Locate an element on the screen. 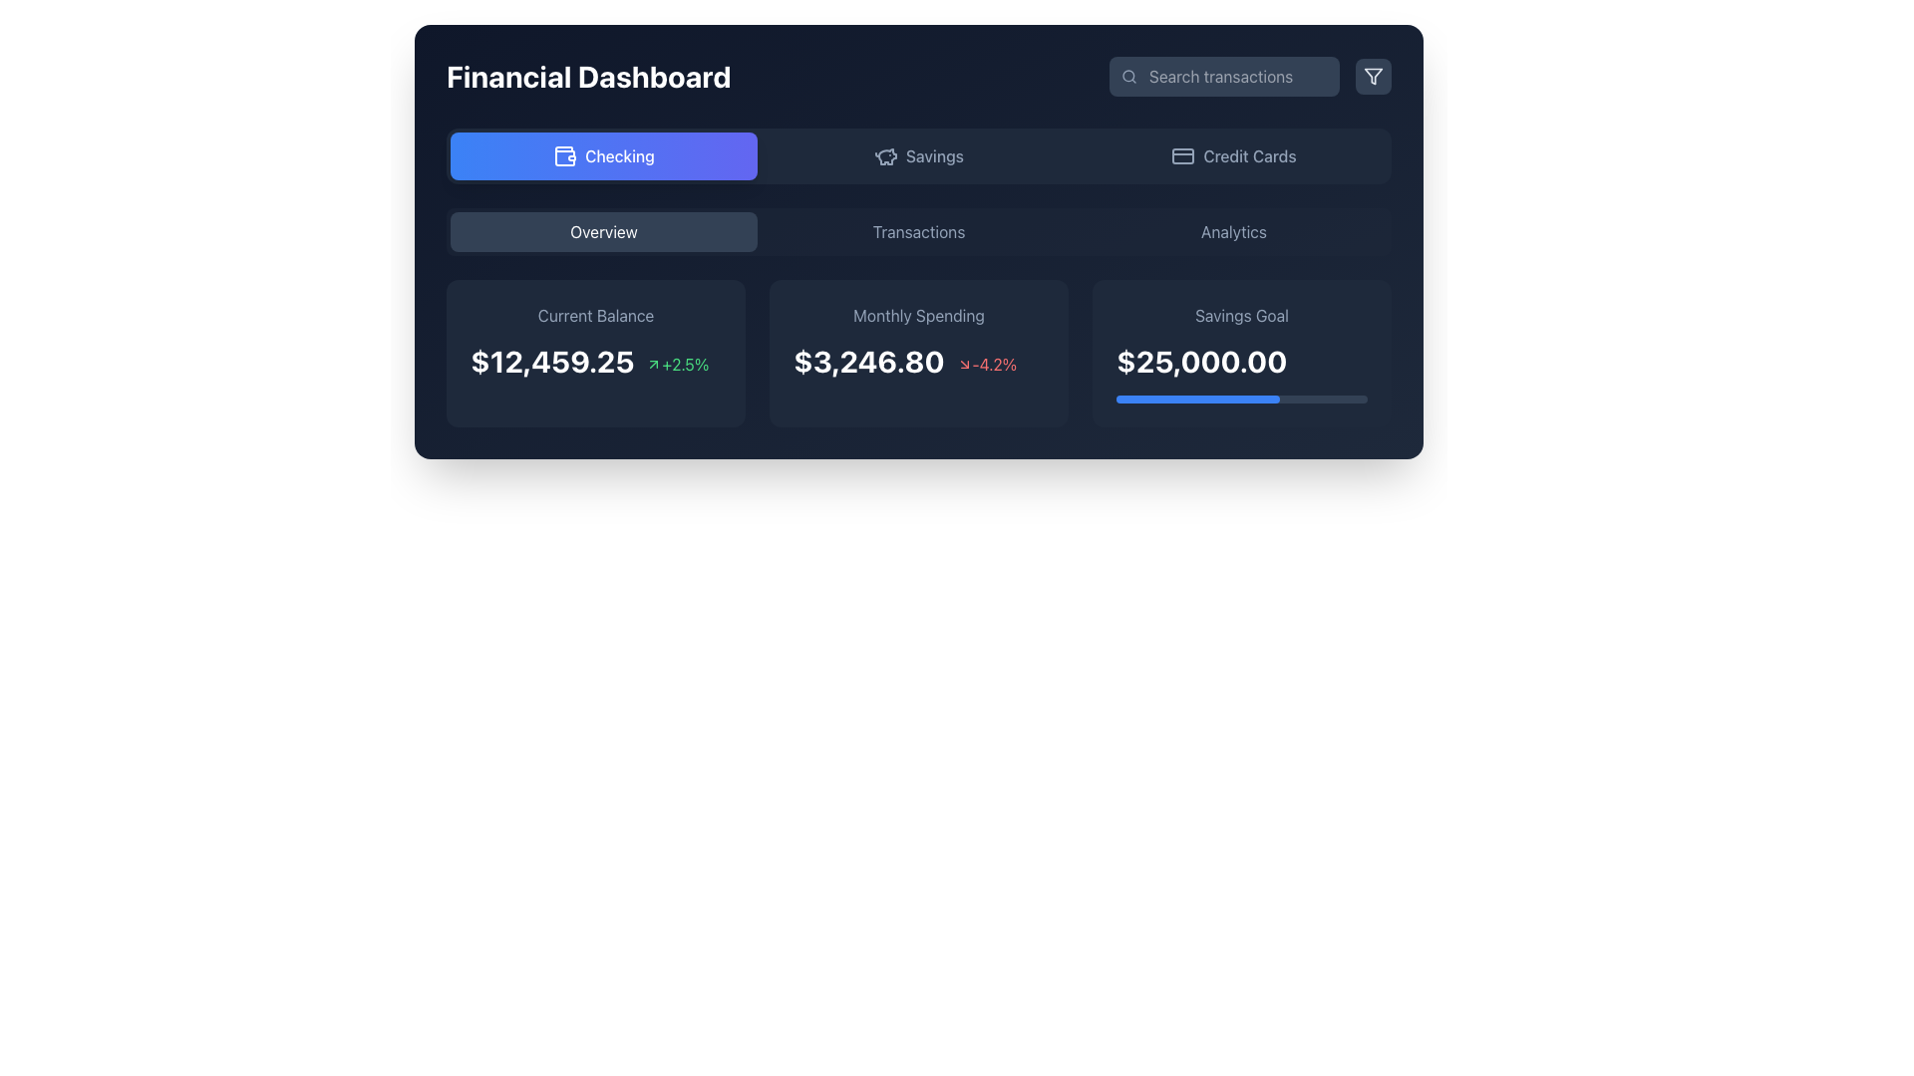 The image size is (1914, 1076). the 'Savings' button, which is a rectangular button with a dark background and a piggy-bank icon, located in the upper-middle section of the interface is located at coordinates (917, 155).